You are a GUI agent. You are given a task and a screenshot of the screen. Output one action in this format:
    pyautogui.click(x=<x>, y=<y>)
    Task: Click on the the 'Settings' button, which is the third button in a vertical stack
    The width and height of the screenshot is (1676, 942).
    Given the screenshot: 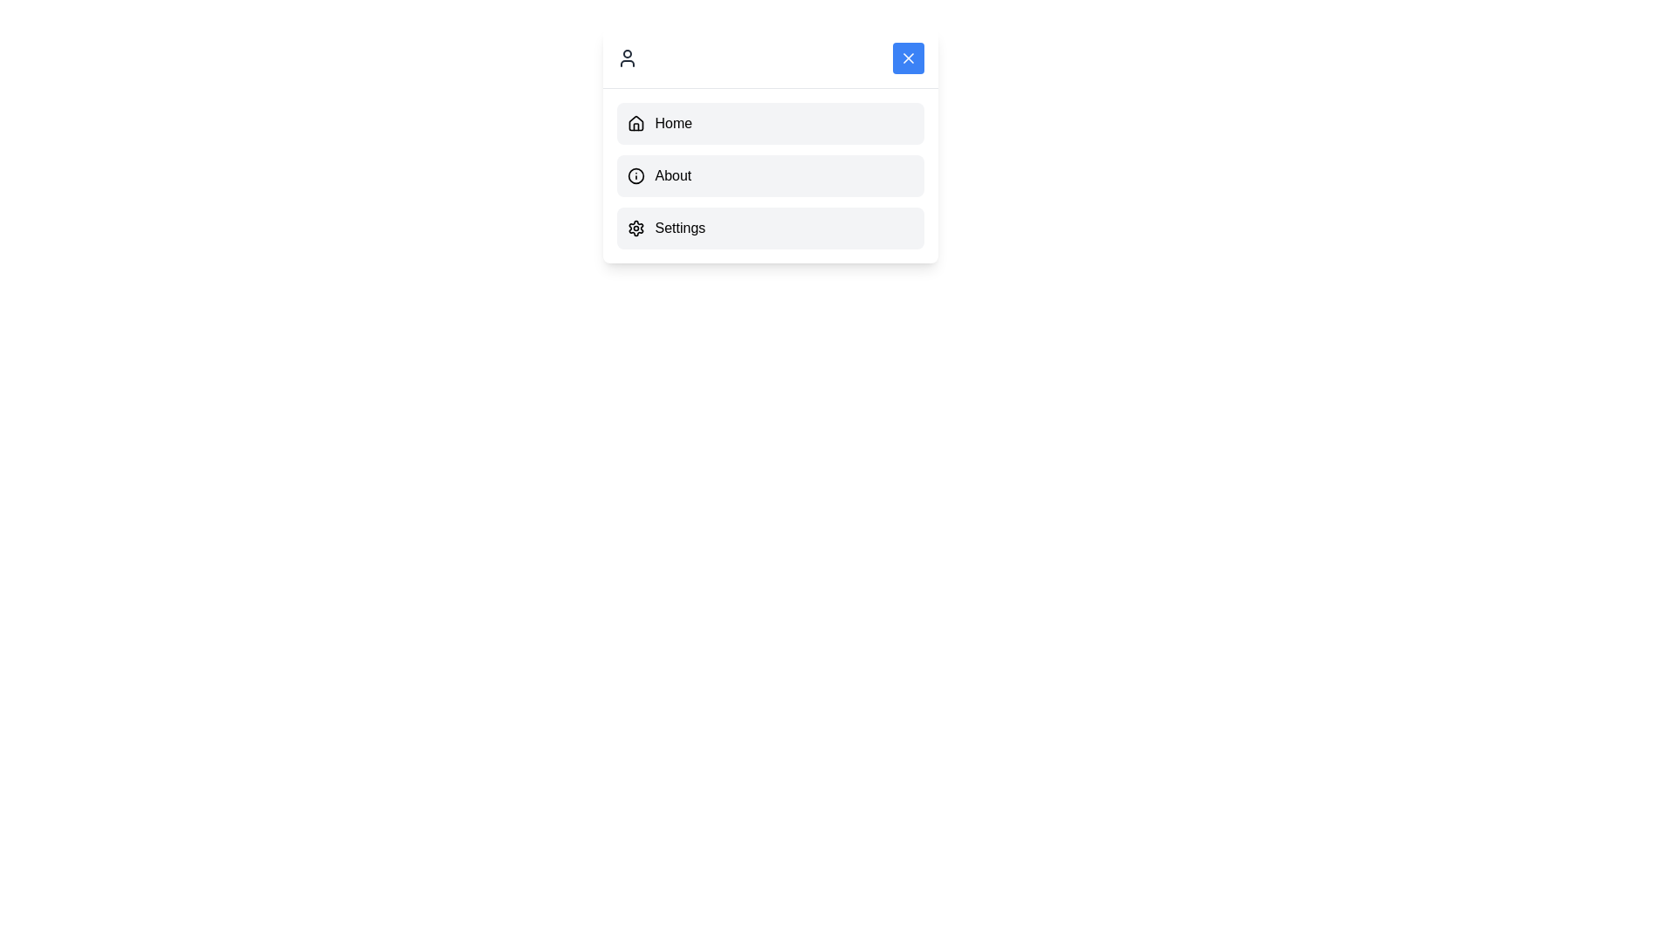 What is the action you would take?
    pyautogui.click(x=769, y=228)
    